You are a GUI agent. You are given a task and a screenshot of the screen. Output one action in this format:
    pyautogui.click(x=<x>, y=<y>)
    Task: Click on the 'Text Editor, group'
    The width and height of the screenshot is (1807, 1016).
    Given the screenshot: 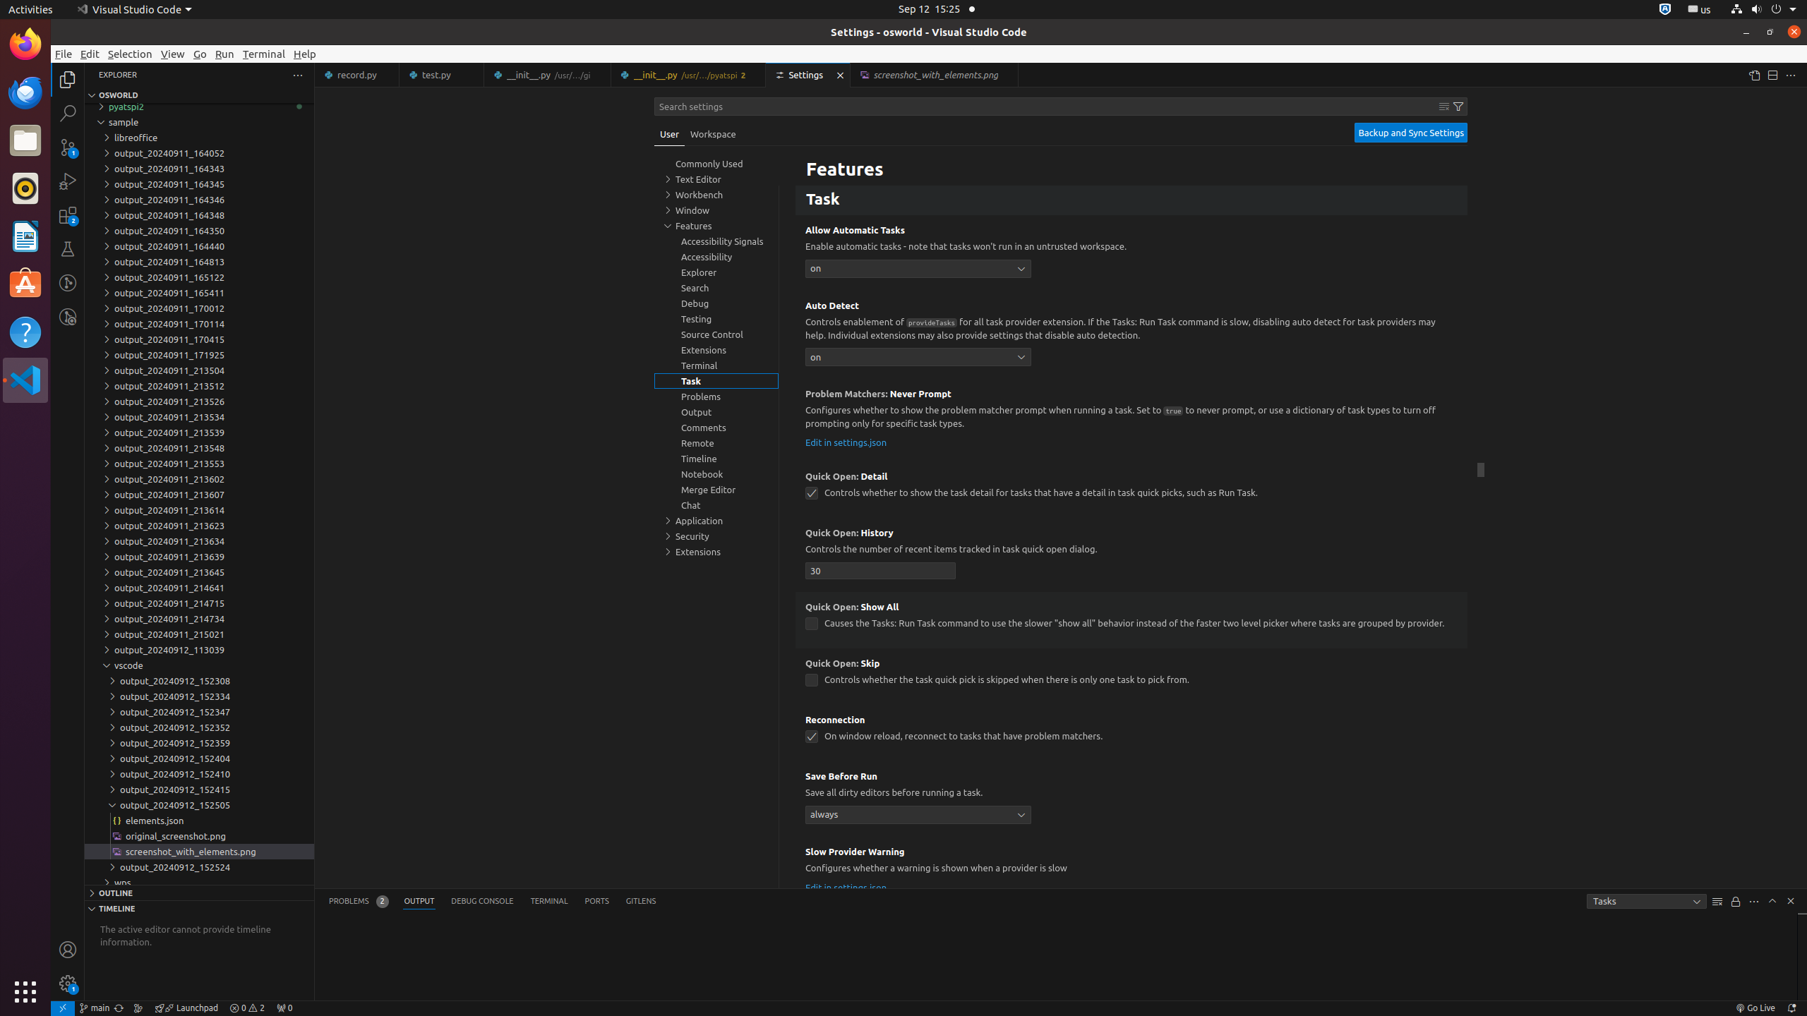 What is the action you would take?
    pyautogui.click(x=716, y=179)
    